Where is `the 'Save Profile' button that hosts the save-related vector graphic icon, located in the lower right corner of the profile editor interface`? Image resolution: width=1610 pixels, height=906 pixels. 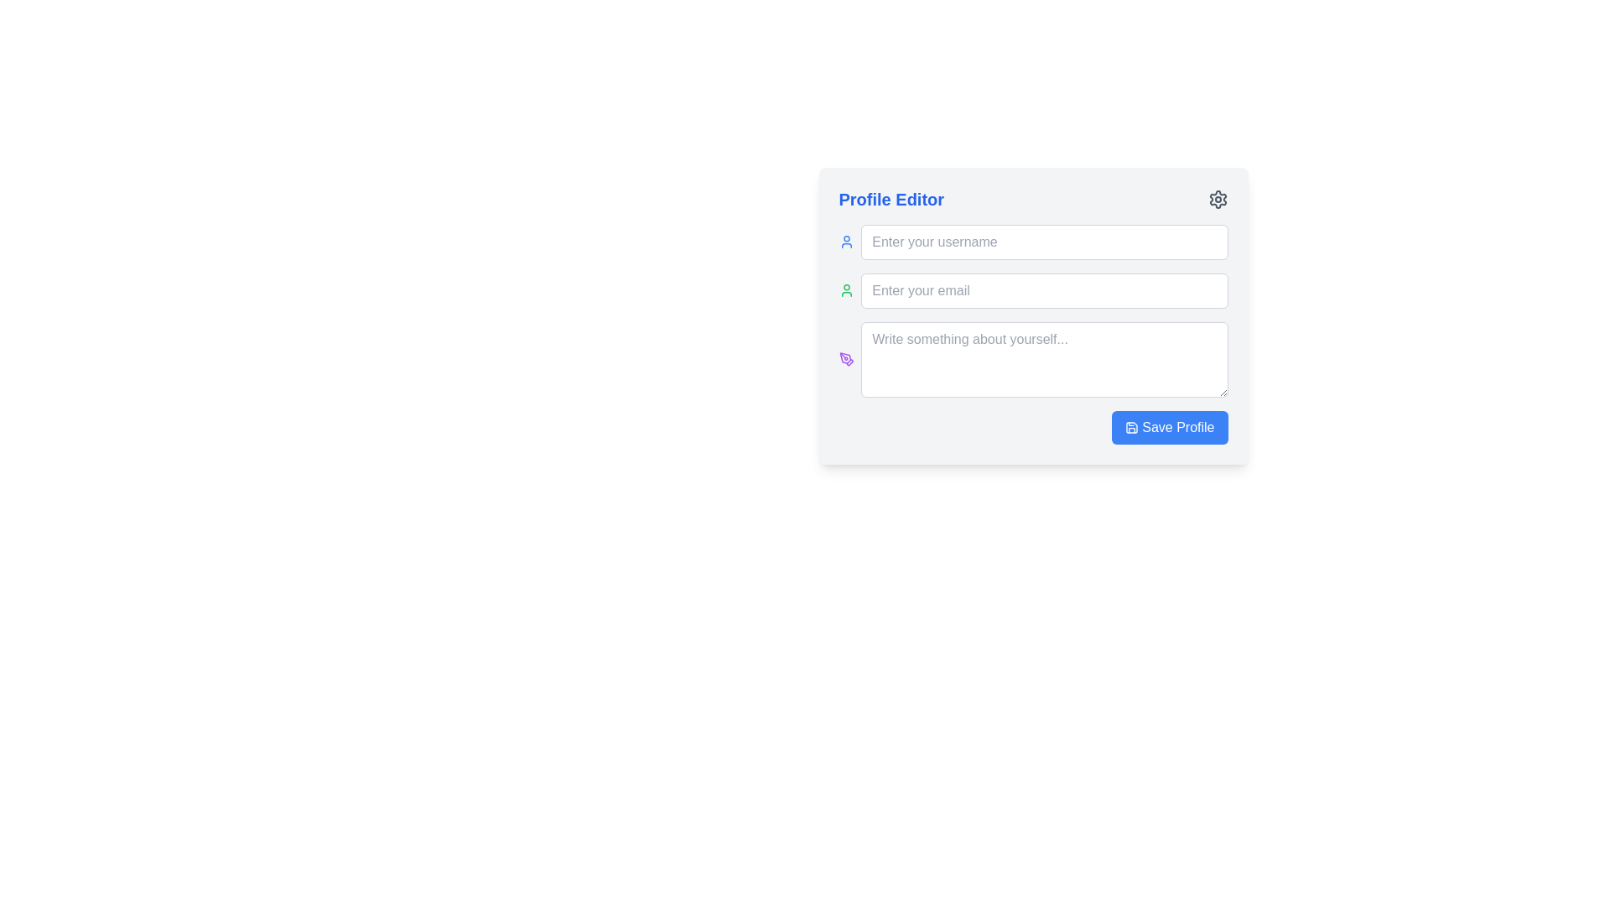
the 'Save Profile' button that hosts the save-related vector graphic icon, located in the lower right corner of the profile editor interface is located at coordinates (1132, 426).